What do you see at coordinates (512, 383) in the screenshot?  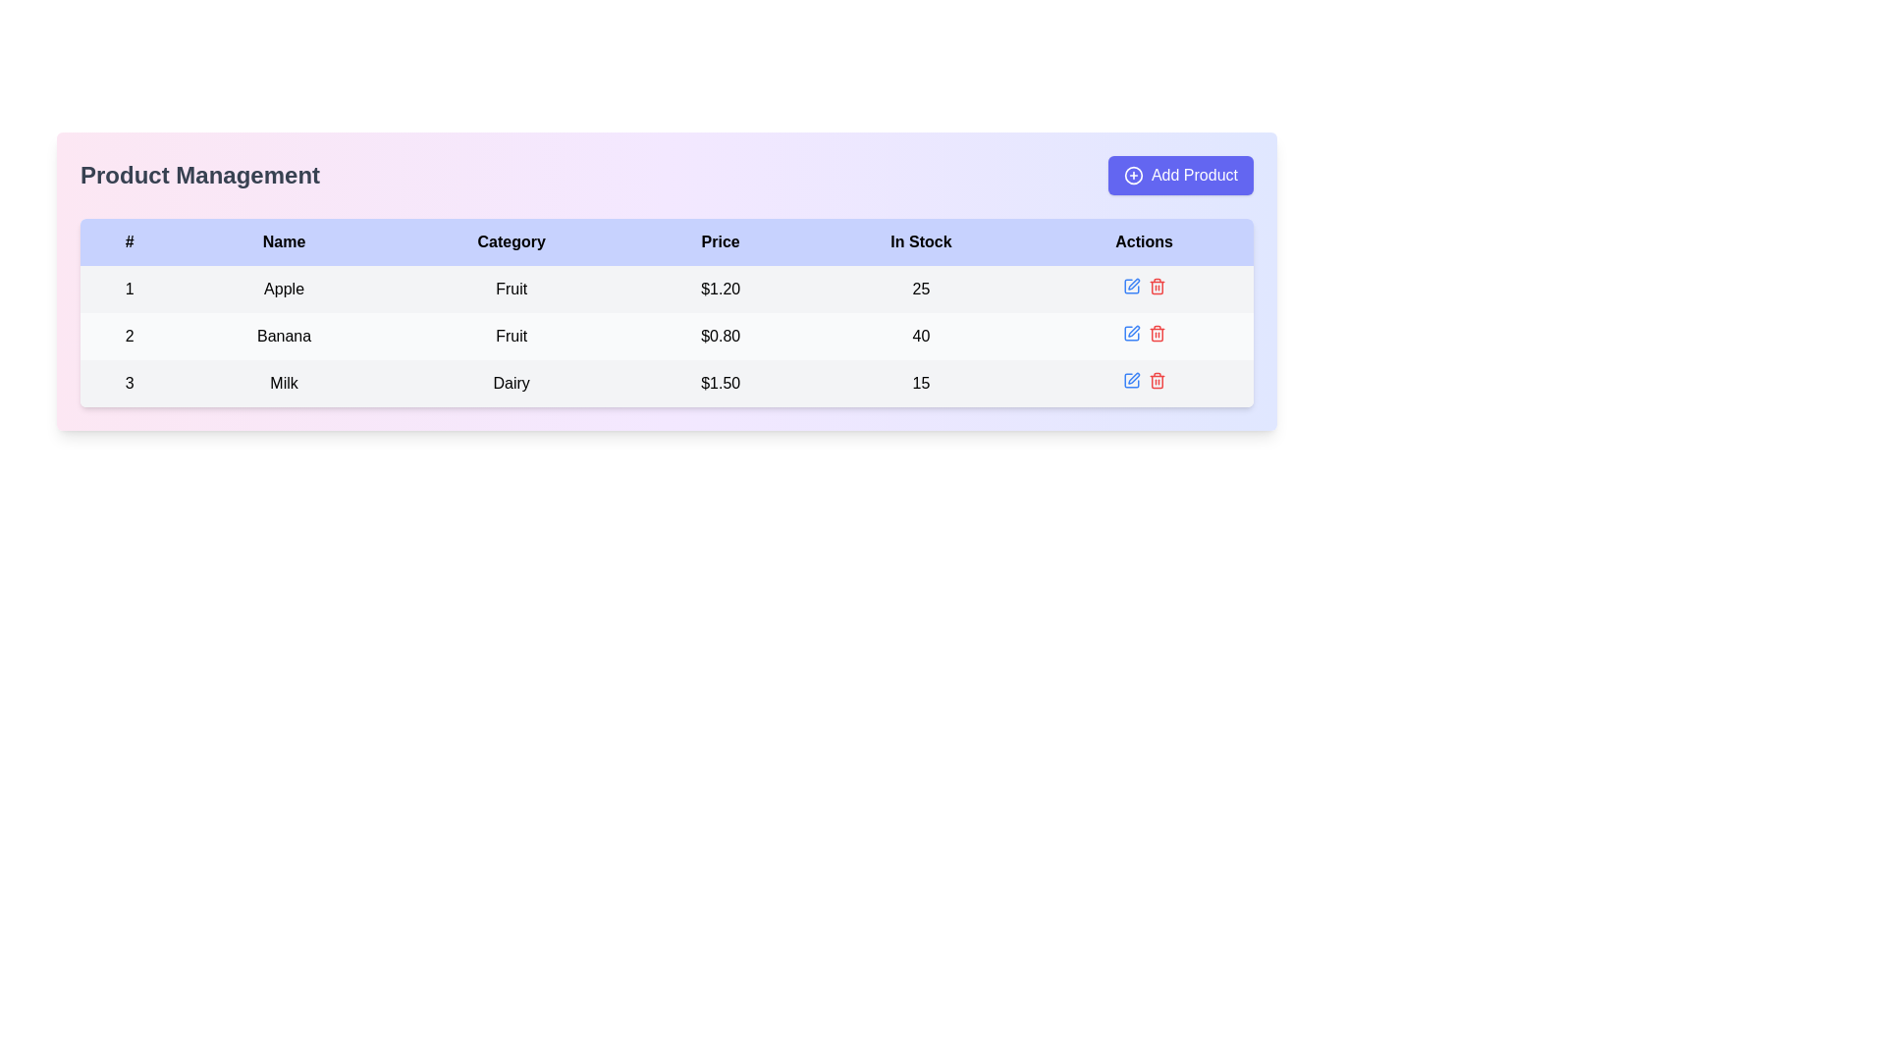 I see `the Label that identifies the product category for the 'Milk' entry in the third row and third column of the table` at bounding box center [512, 383].